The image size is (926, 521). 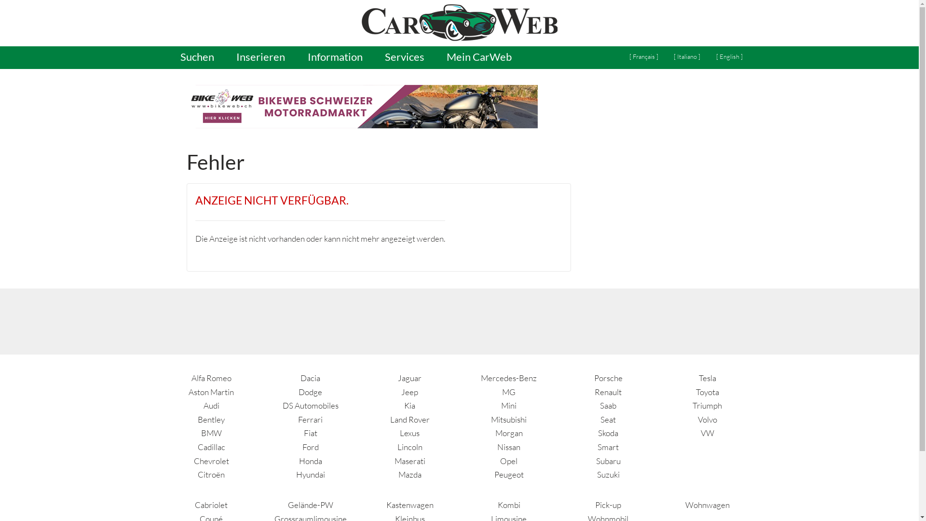 I want to click on 'Smart', so click(x=608, y=447).